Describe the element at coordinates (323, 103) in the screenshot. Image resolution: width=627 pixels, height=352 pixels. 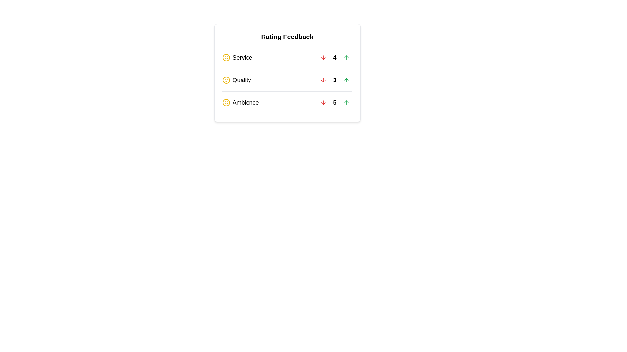
I see `the downward arrow button, which is bold red and located to the right of the 'Ambience' label, to lower the rating` at that location.